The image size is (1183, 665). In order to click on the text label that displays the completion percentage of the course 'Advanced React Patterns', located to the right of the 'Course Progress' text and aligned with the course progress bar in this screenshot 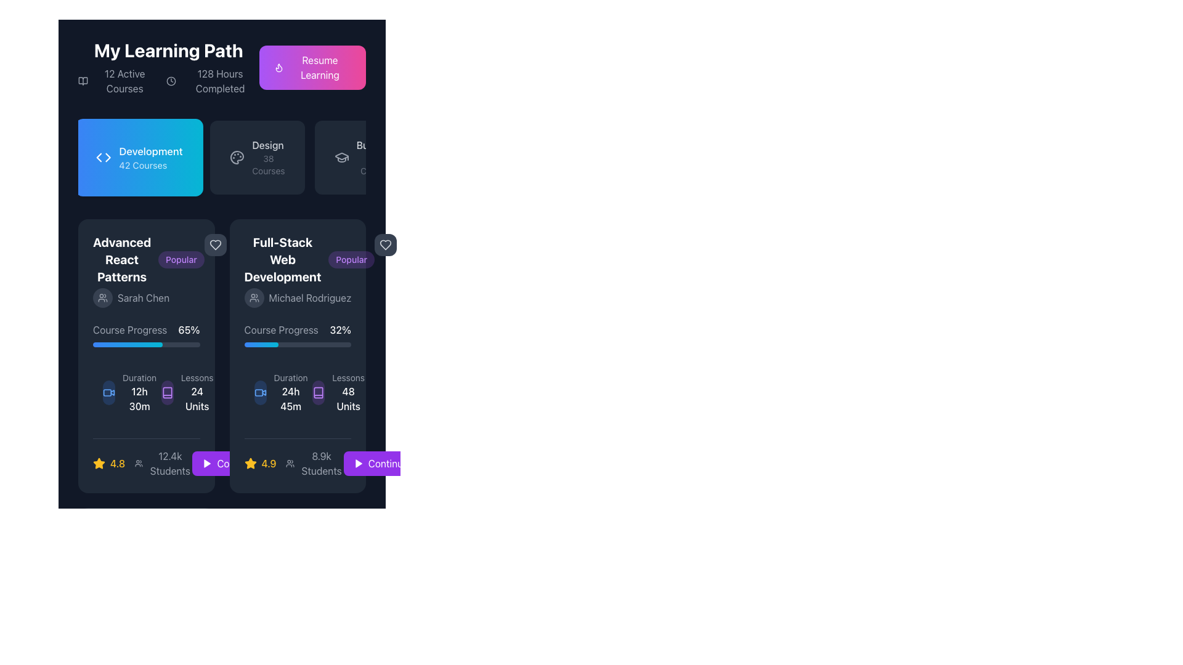, I will do `click(189, 329)`.